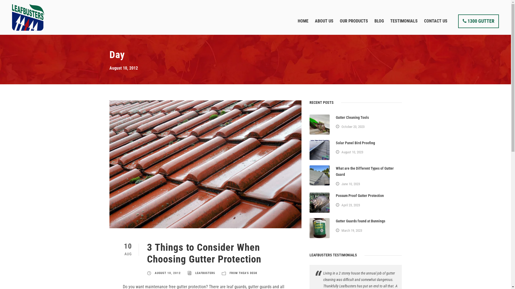 Image resolution: width=515 pixels, height=289 pixels. Describe the element at coordinates (303, 26) in the screenshot. I see `'HOME'` at that location.